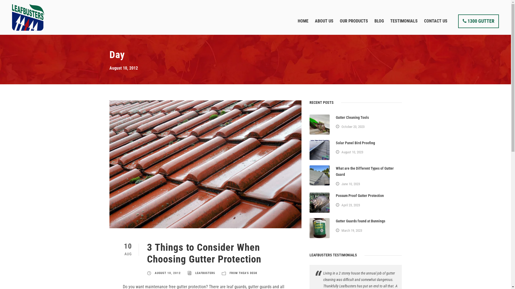 Image resolution: width=515 pixels, height=289 pixels. Describe the element at coordinates (303, 26) in the screenshot. I see `'HOME'` at that location.